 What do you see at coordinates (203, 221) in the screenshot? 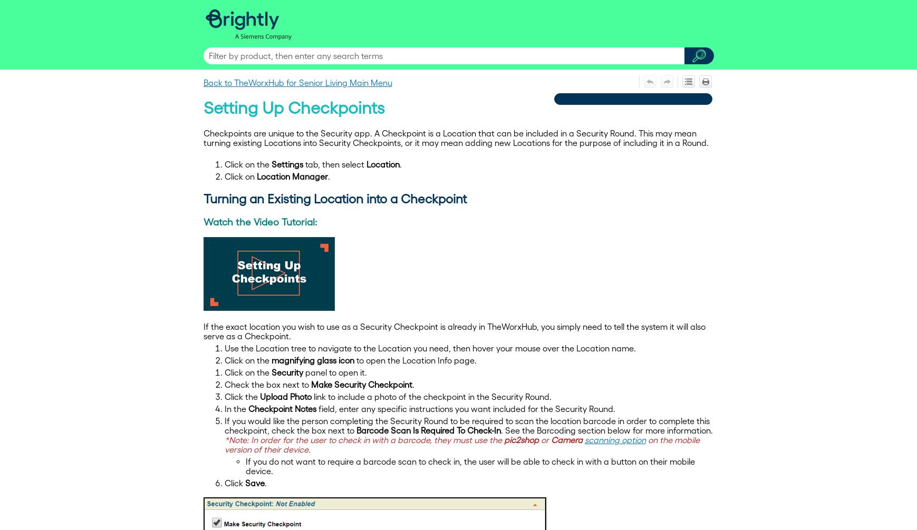
I see `'Watch the Video Tutorial:'` at bounding box center [203, 221].